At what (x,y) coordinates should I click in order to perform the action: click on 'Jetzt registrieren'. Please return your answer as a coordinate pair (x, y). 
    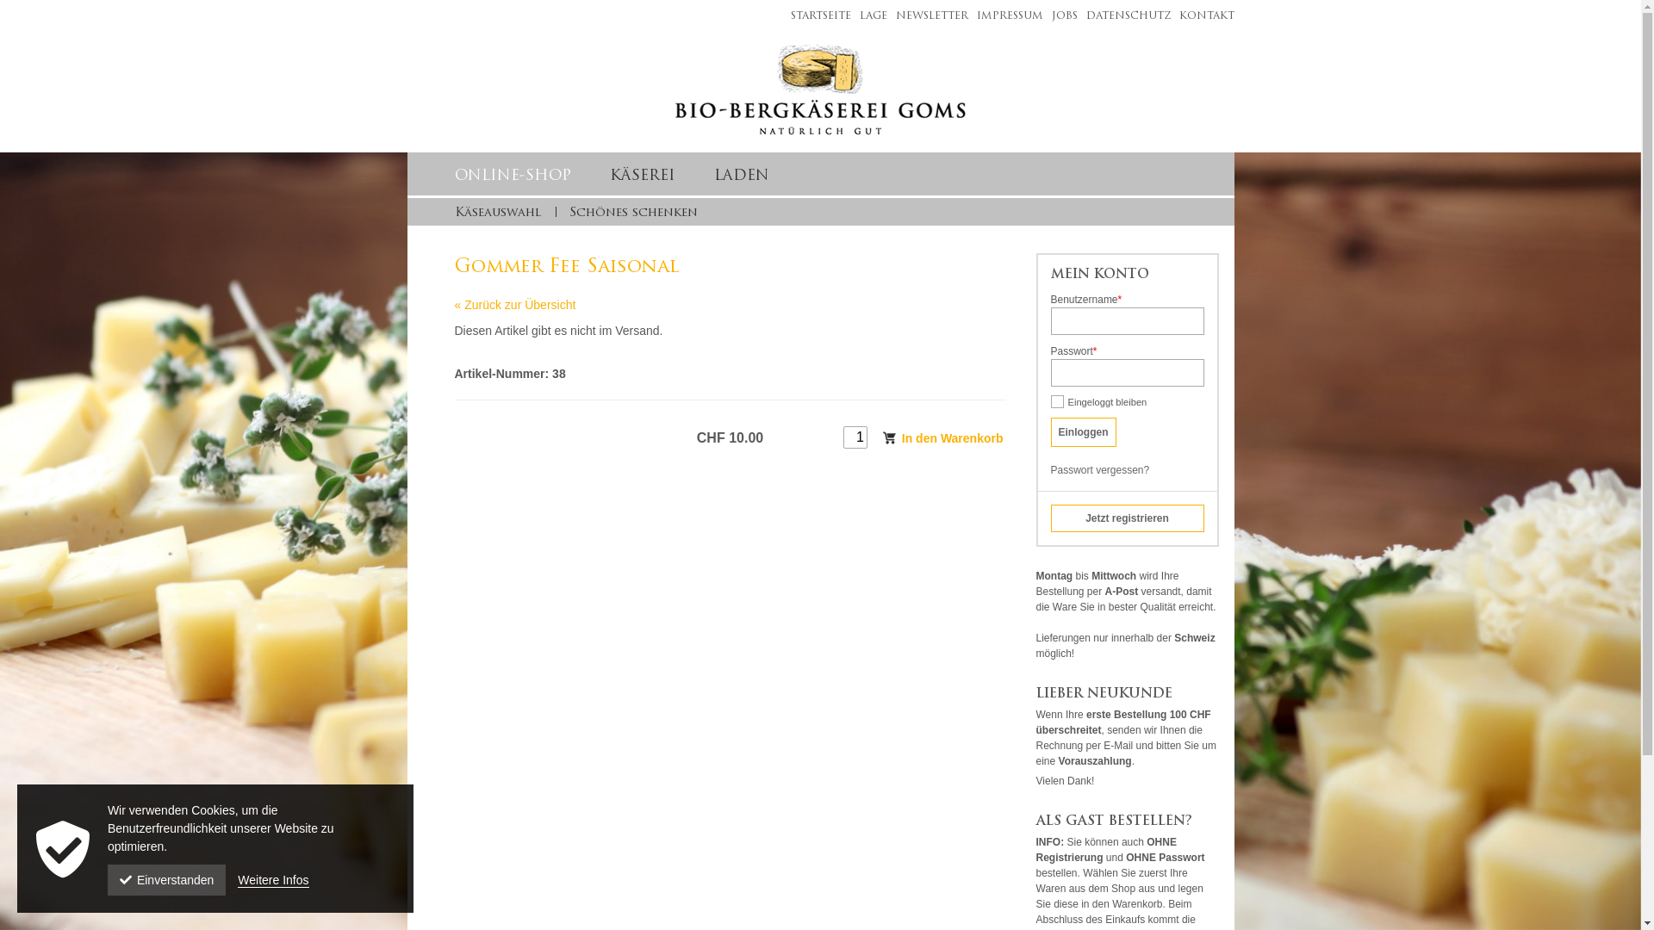
    Looking at the image, I should click on (1049, 517).